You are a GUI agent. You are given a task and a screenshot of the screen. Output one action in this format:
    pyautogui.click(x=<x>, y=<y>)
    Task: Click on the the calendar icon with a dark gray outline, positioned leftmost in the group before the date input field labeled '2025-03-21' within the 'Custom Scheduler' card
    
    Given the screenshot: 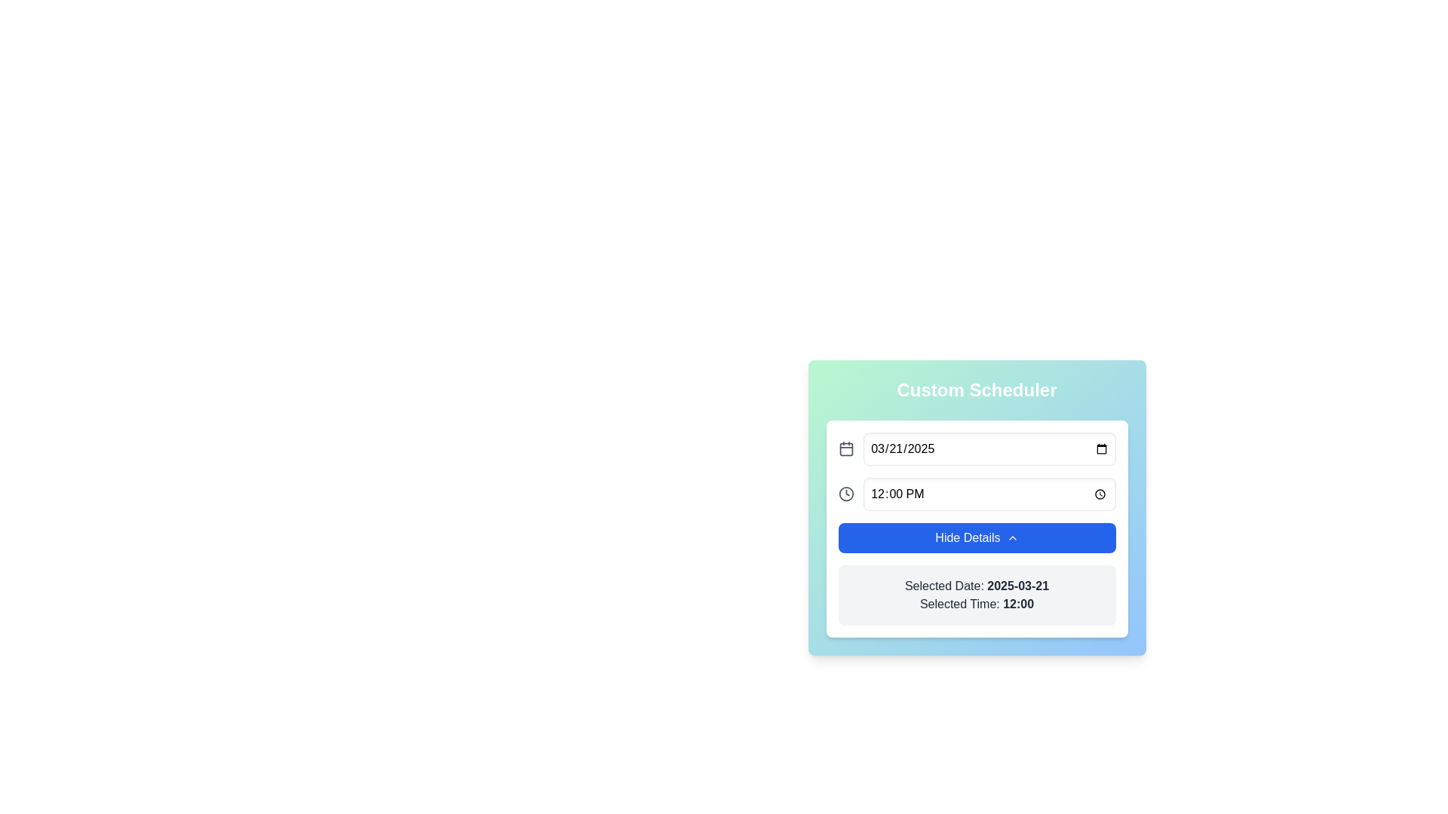 What is the action you would take?
    pyautogui.click(x=846, y=448)
    